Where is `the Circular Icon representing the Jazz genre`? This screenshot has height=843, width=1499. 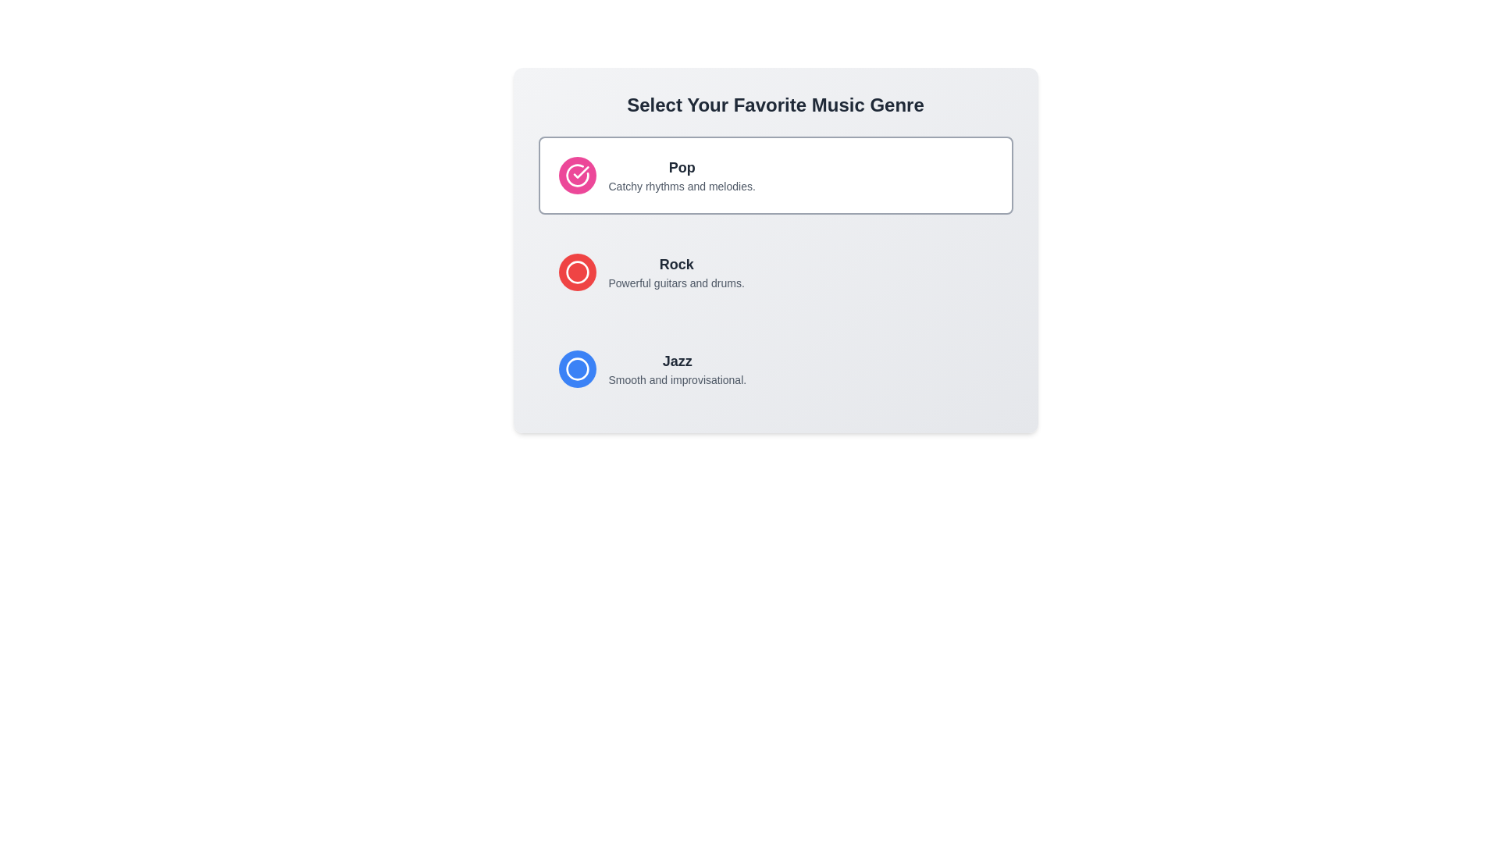 the Circular Icon representing the Jazz genre is located at coordinates (576, 369).